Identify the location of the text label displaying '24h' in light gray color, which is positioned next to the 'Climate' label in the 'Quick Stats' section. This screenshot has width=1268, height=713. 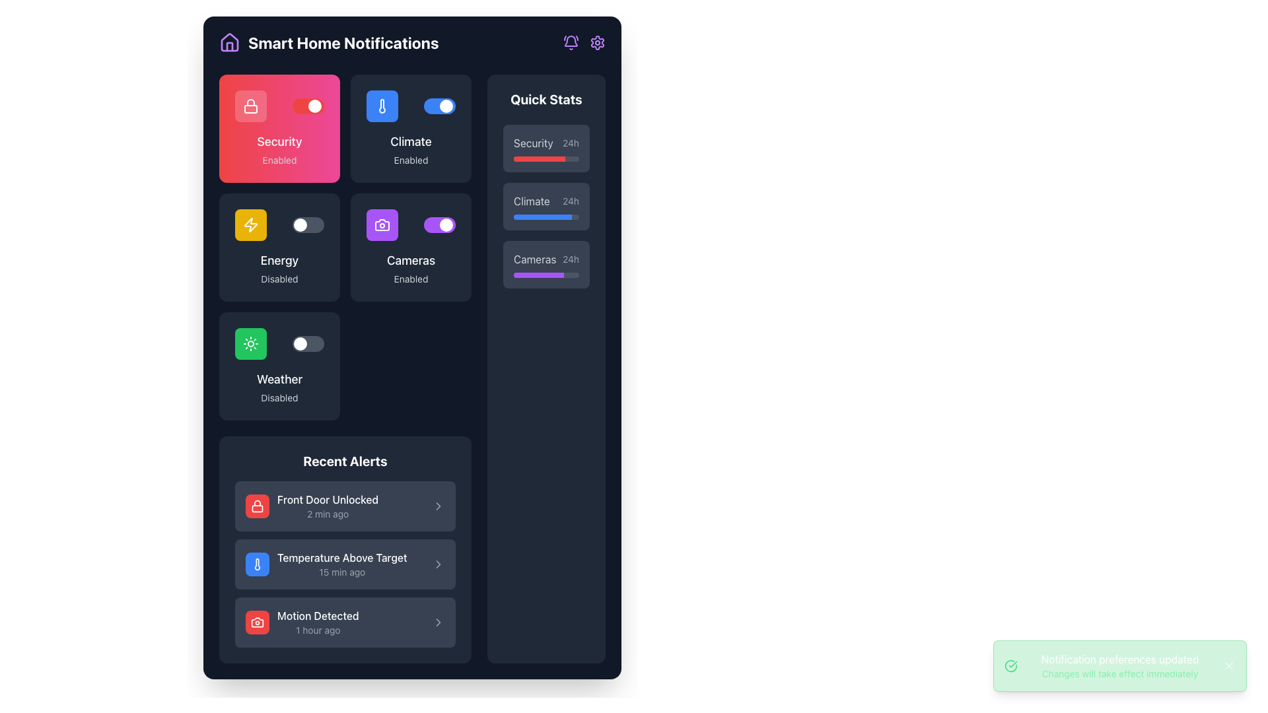
(571, 201).